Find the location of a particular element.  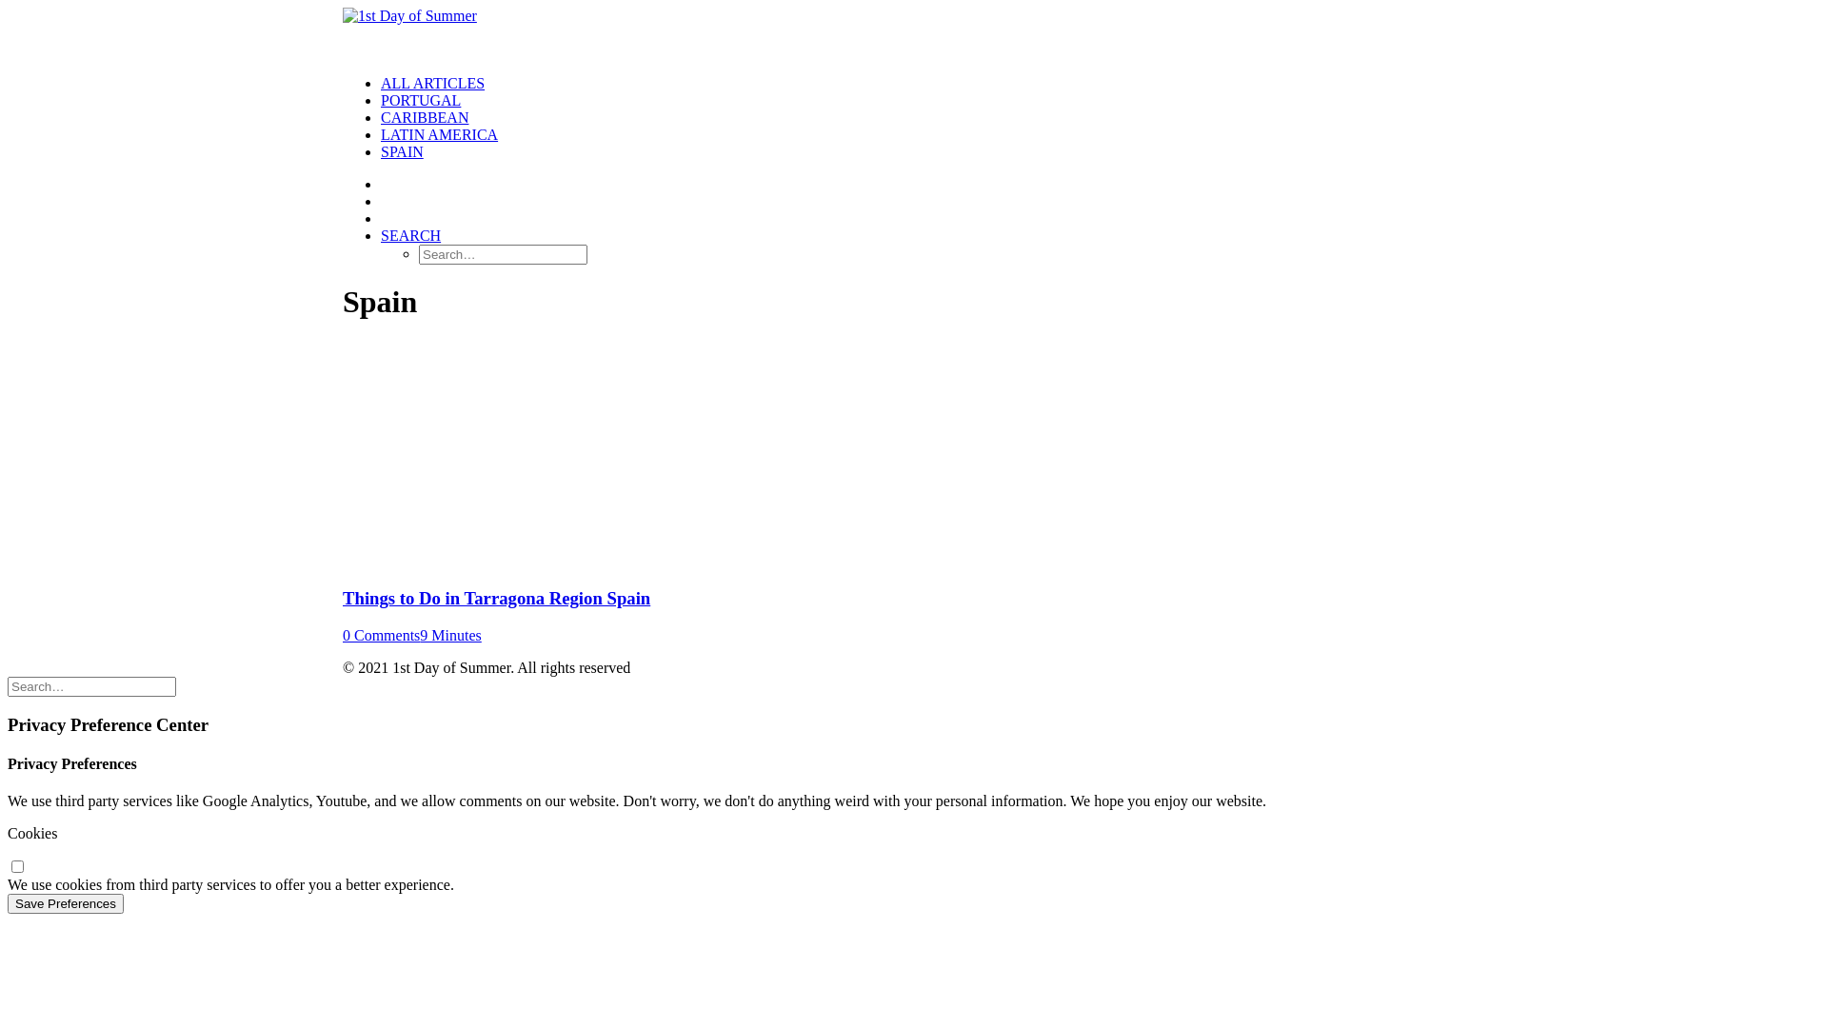

'PORTUGAL' is located at coordinates (419, 100).